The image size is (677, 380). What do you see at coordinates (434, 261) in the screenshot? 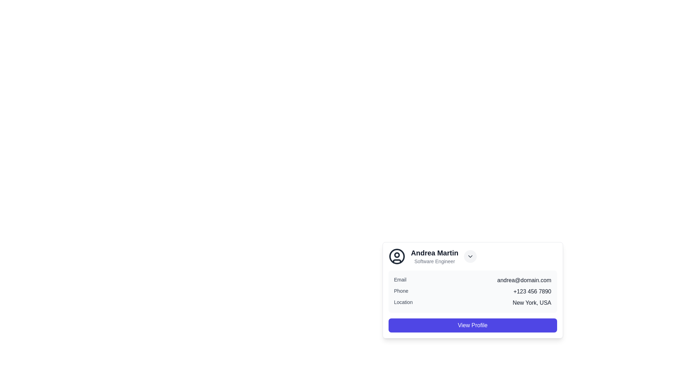
I see `the text label displaying 'Software Engineer', which is positioned below 'Andrea Martin' in the upper-left section of the card layout` at bounding box center [434, 261].